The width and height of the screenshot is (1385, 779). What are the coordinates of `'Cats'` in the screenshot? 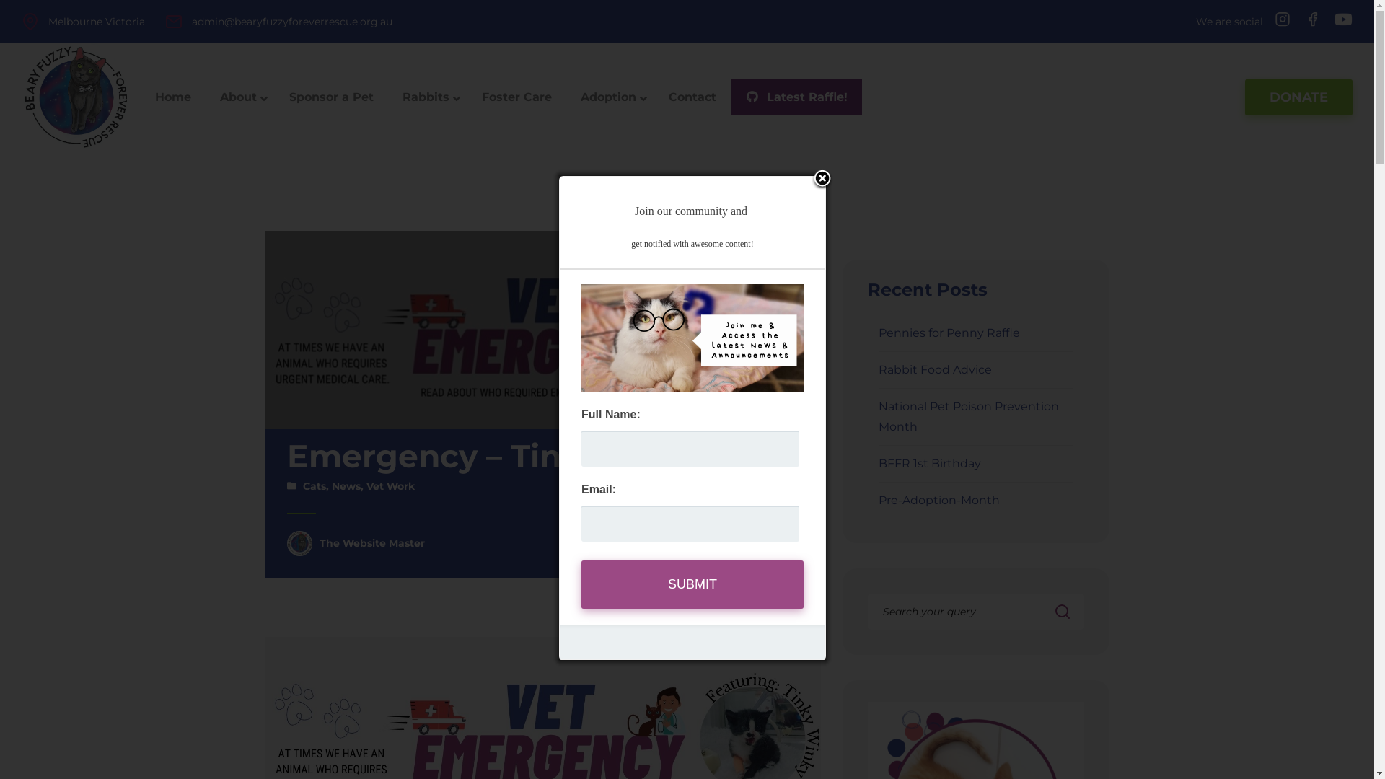 It's located at (314, 486).